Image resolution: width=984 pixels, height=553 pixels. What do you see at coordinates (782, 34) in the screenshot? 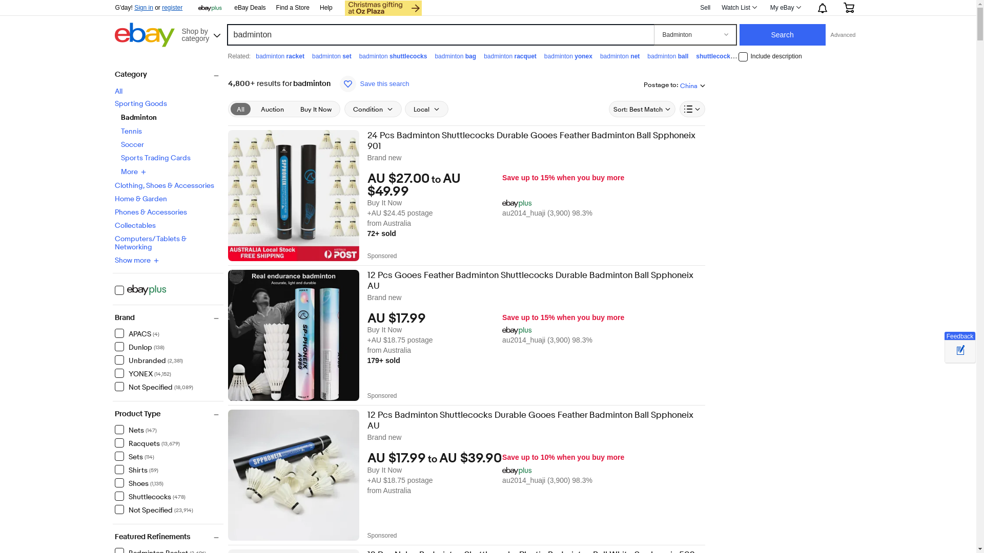
I see `'Search'` at bounding box center [782, 34].